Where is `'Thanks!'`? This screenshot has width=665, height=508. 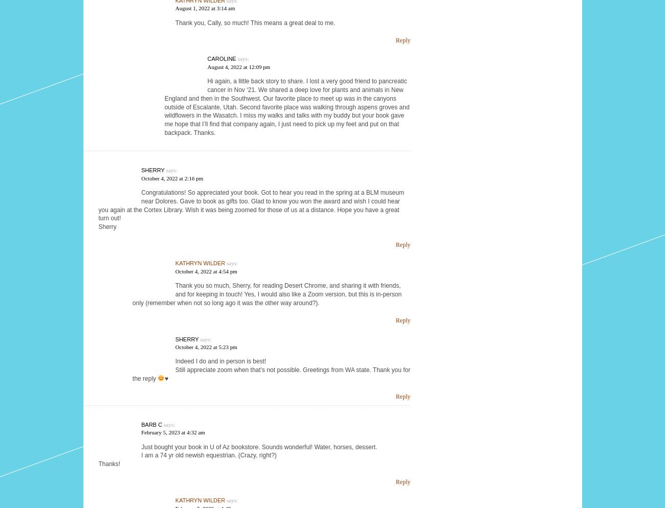
'Thanks!' is located at coordinates (109, 464).